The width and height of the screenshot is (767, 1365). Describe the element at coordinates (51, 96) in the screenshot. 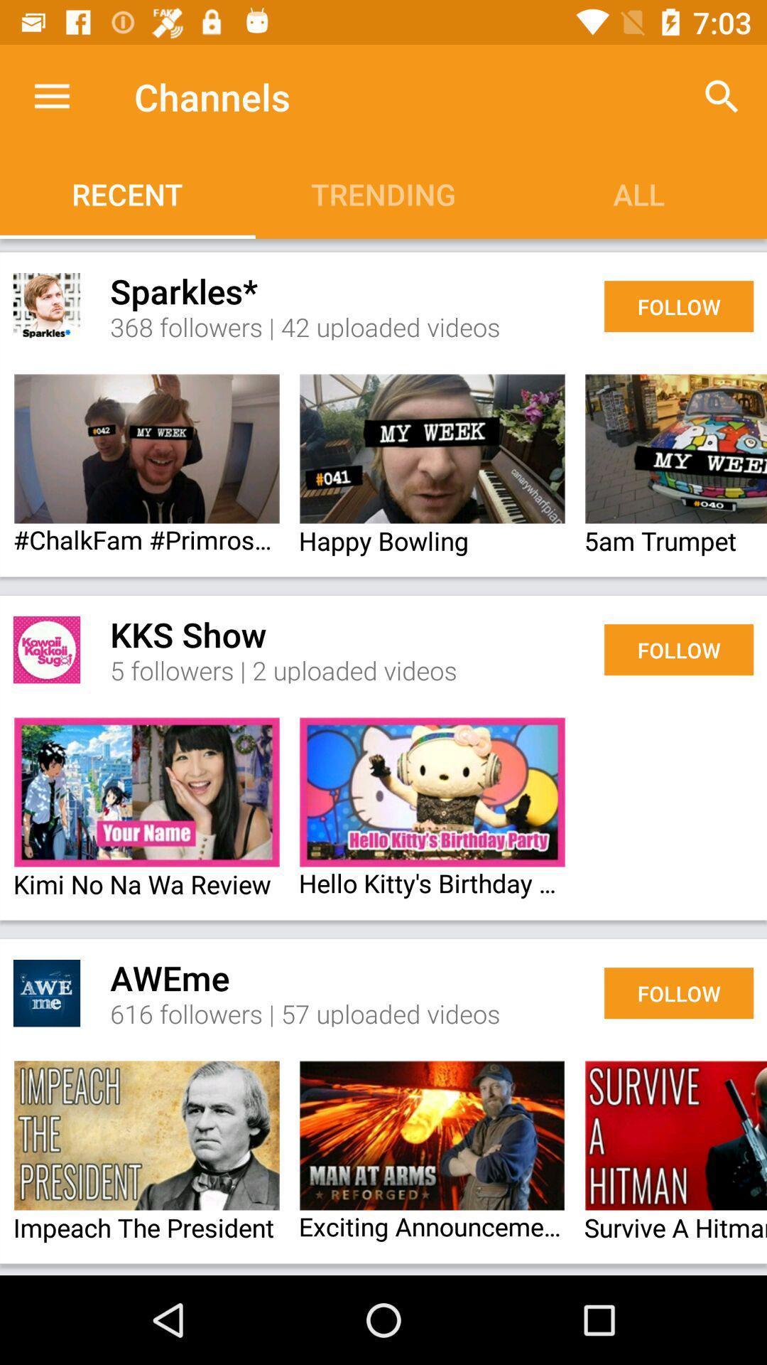

I see `app to the left of the channels app` at that location.